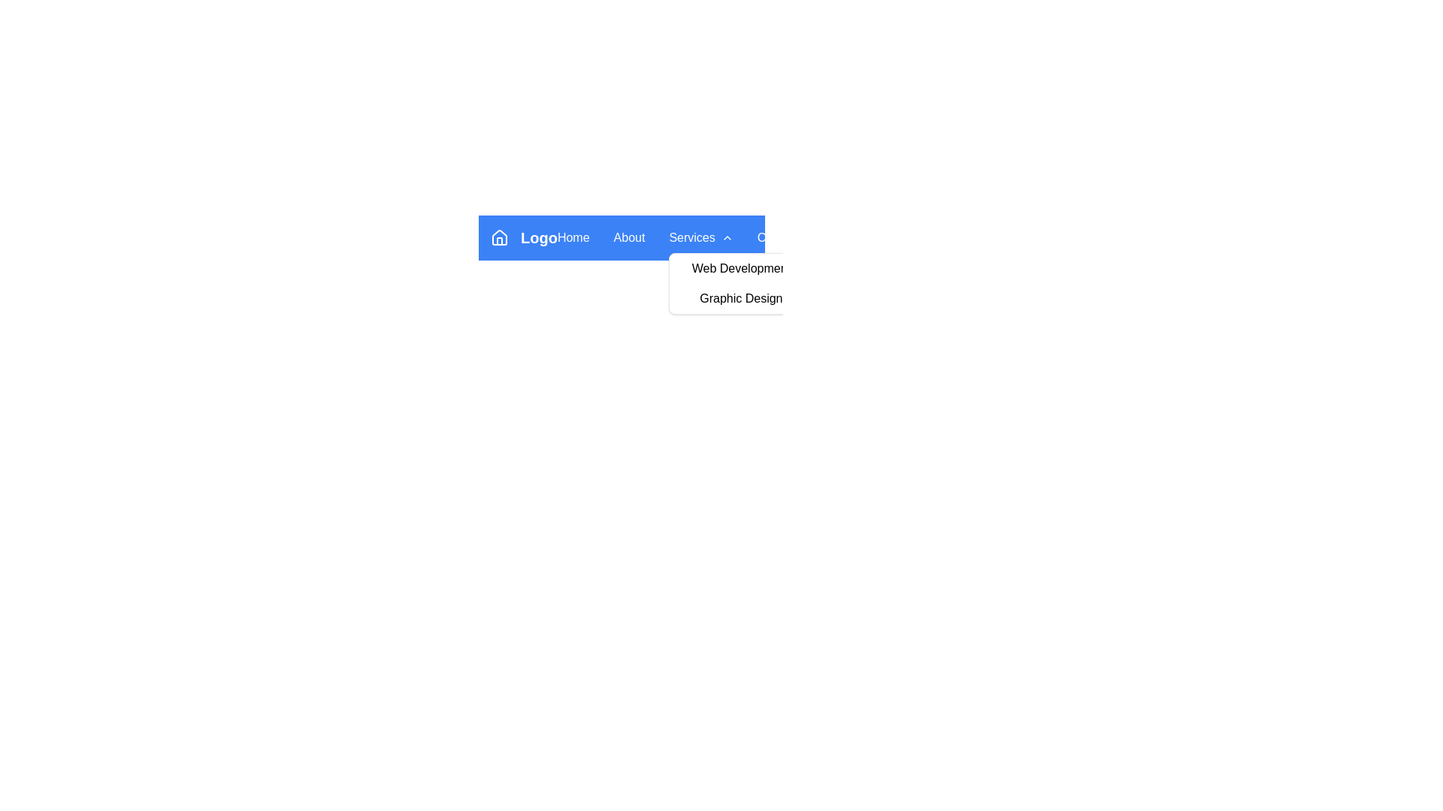 This screenshot has width=1443, height=811. I want to click on the navigational link positioned centrally in the top section of the interface, part of a blue background menu, so click(622, 237).